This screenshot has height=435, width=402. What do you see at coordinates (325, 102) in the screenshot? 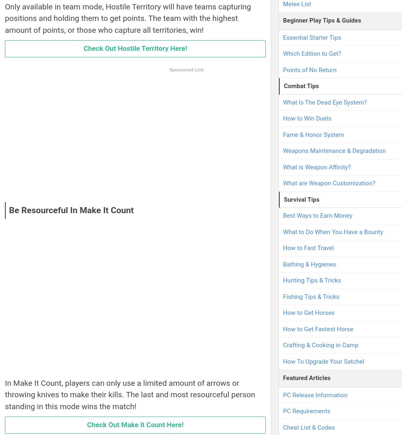
I see `'What Is The Dead Eye System?'` at bounding box center [325, 102].